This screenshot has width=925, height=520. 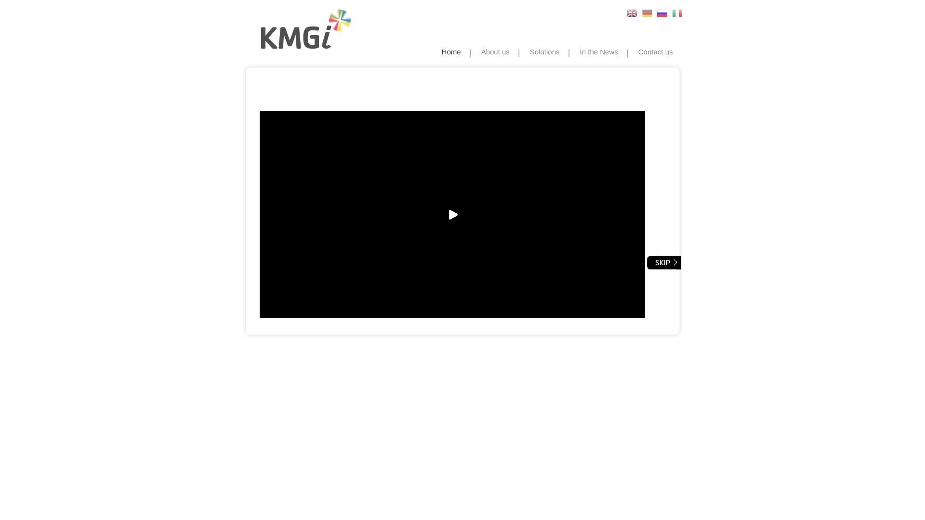 What do you see at coordinates (632, 13) in the screenshot?
I see `'English'` at bounding box center [632, 13].